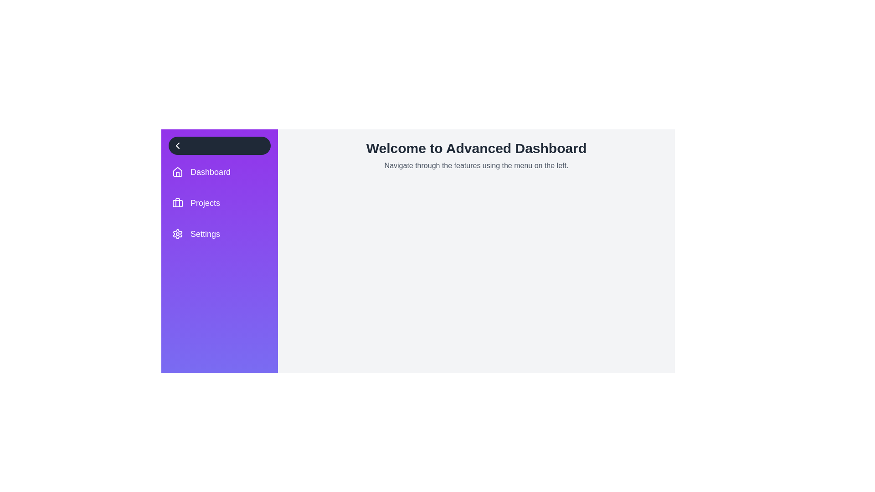 The image size is (875, 492). I want to click on the menu item Dashboard to inspect its feedback, so click(219, 172).